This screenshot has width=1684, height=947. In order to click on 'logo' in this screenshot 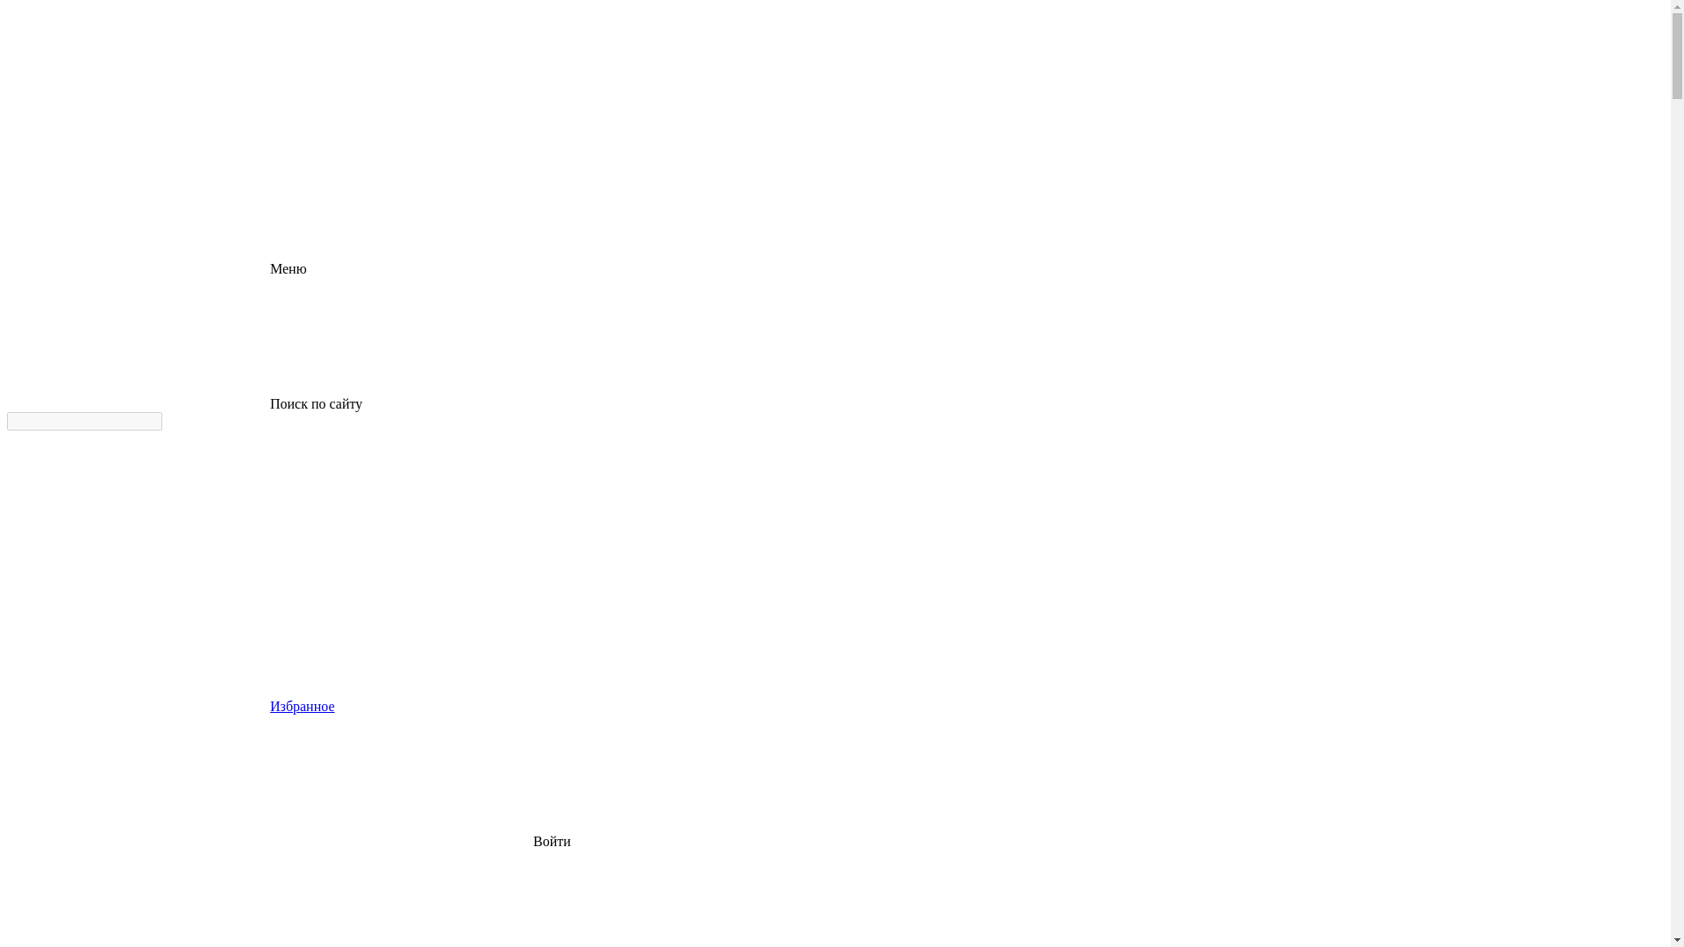, I will do `click(138, 132)`.